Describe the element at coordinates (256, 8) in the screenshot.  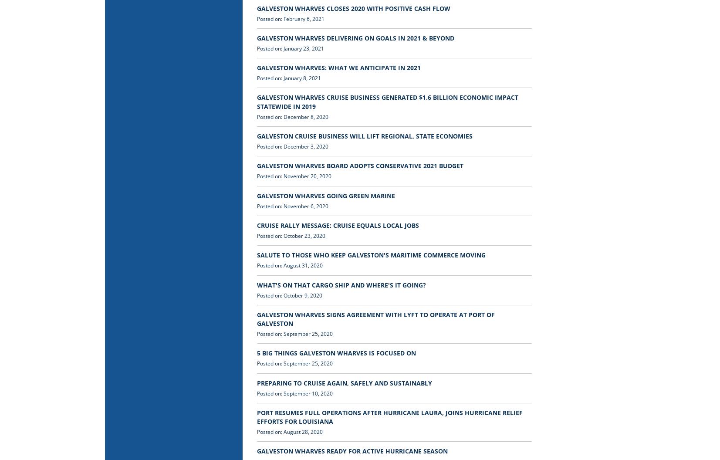
I see `'GALVESTON WHARVES CLOSES 2020 WITH POSITIVE CASH FLOW'` at that location.